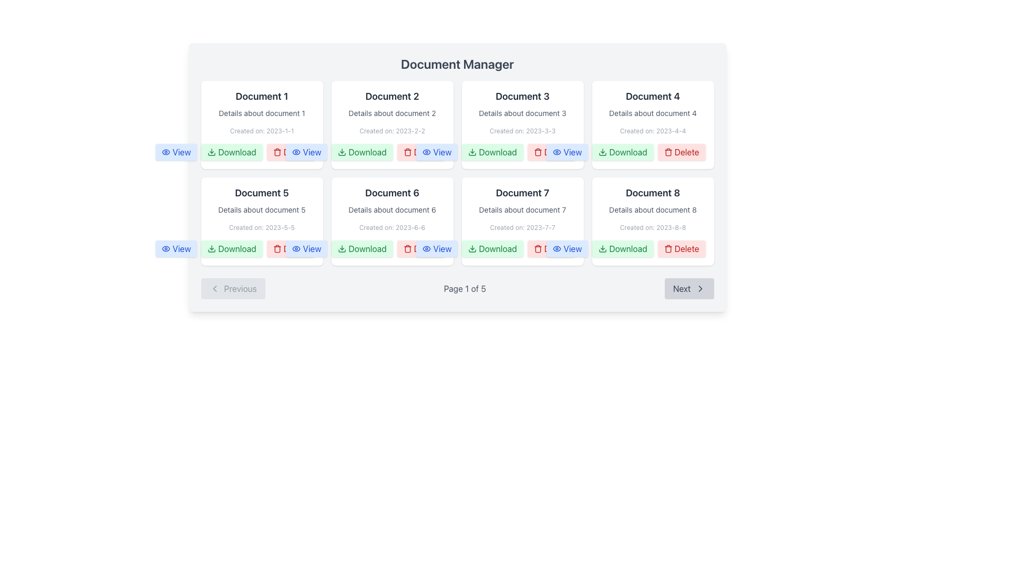 The image size is (1009, 567). Describe the element at coordinates (277, 152) in the screenshot. I see `the delete icon located in the fourth position of the top row in the grid layout` at that location.